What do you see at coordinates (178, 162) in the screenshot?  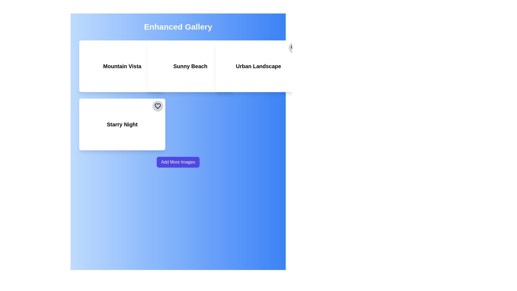 I see `the button located below the gallery content, centered horizontally, directly underneath the 'Starry Night' section to observe hover effects` at bounding box center [178, 162].